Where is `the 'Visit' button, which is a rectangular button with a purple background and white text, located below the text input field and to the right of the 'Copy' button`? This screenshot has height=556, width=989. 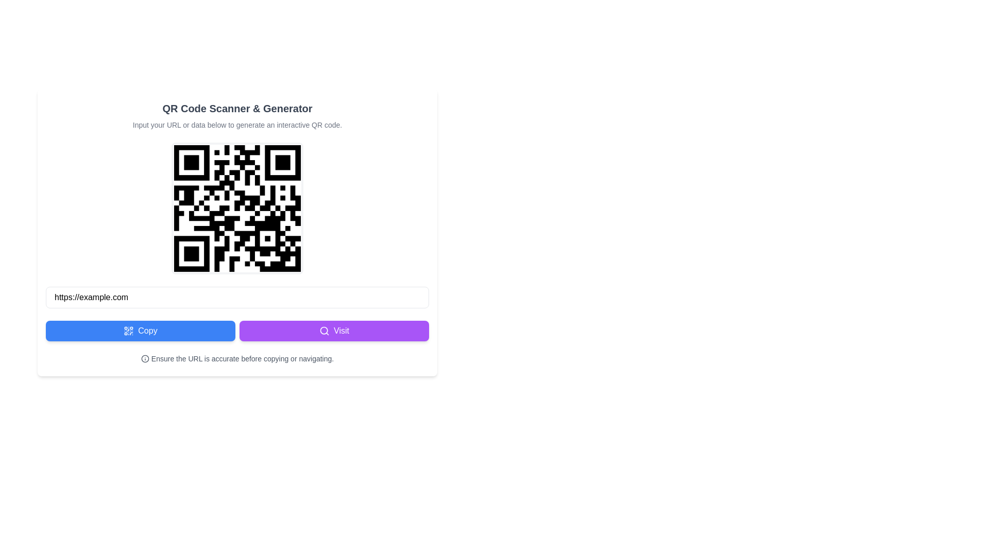 the 'Visit' button, which is a rectangular button with a purple background and white text, located below the text input field and to the right of the 'Copy' button is located at coordinates (334, 331).